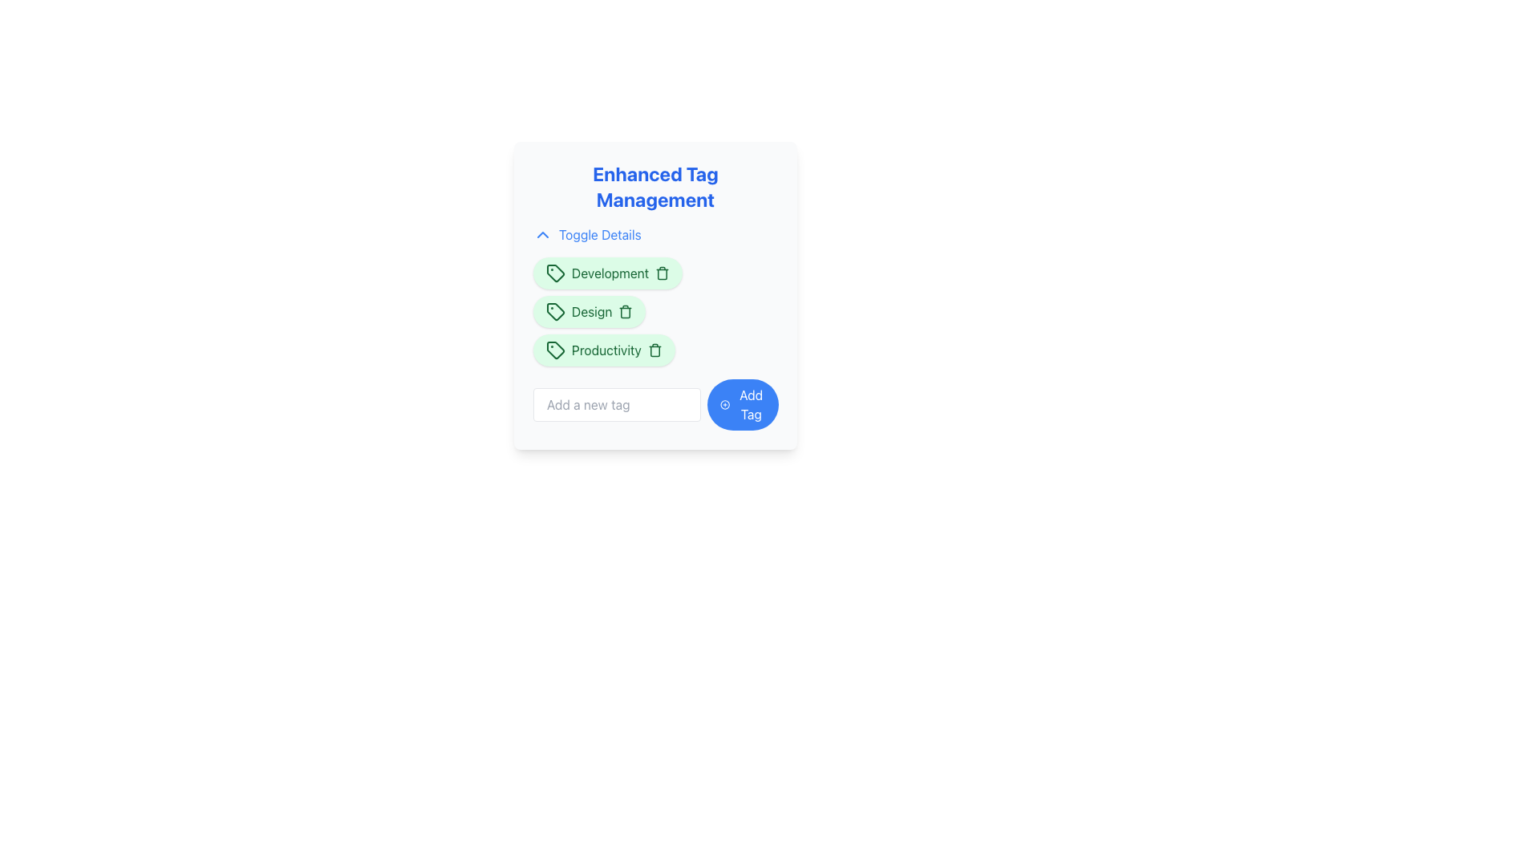  I want to click on the circular blue icon with a '+' symbol located within the 'Add Tag' button in the bottom-right corner of the 'Enhanced Tag Management' card, so click(723, 404).